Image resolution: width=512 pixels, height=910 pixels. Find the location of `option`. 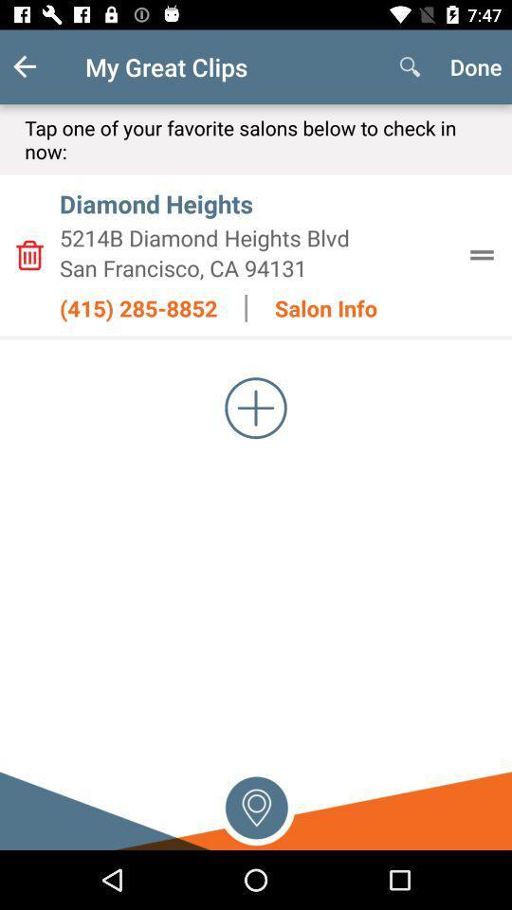

option is located at coordinates (256, 408).